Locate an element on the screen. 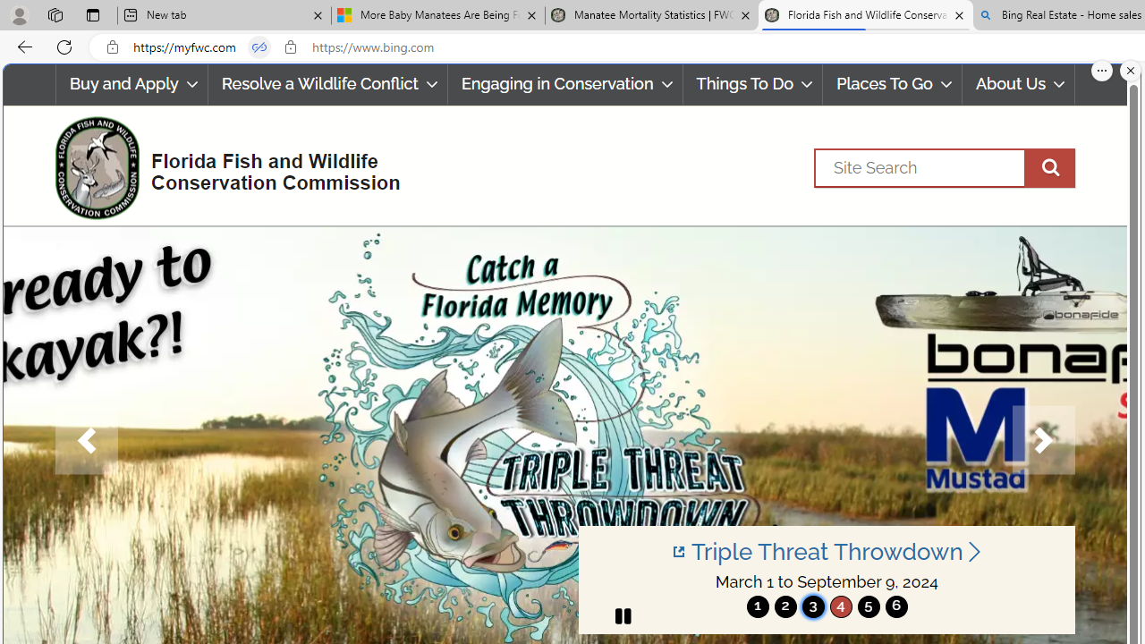 This screenshot has width=1145, height=644. 'About Us' is located at coordinates (1018, 84).